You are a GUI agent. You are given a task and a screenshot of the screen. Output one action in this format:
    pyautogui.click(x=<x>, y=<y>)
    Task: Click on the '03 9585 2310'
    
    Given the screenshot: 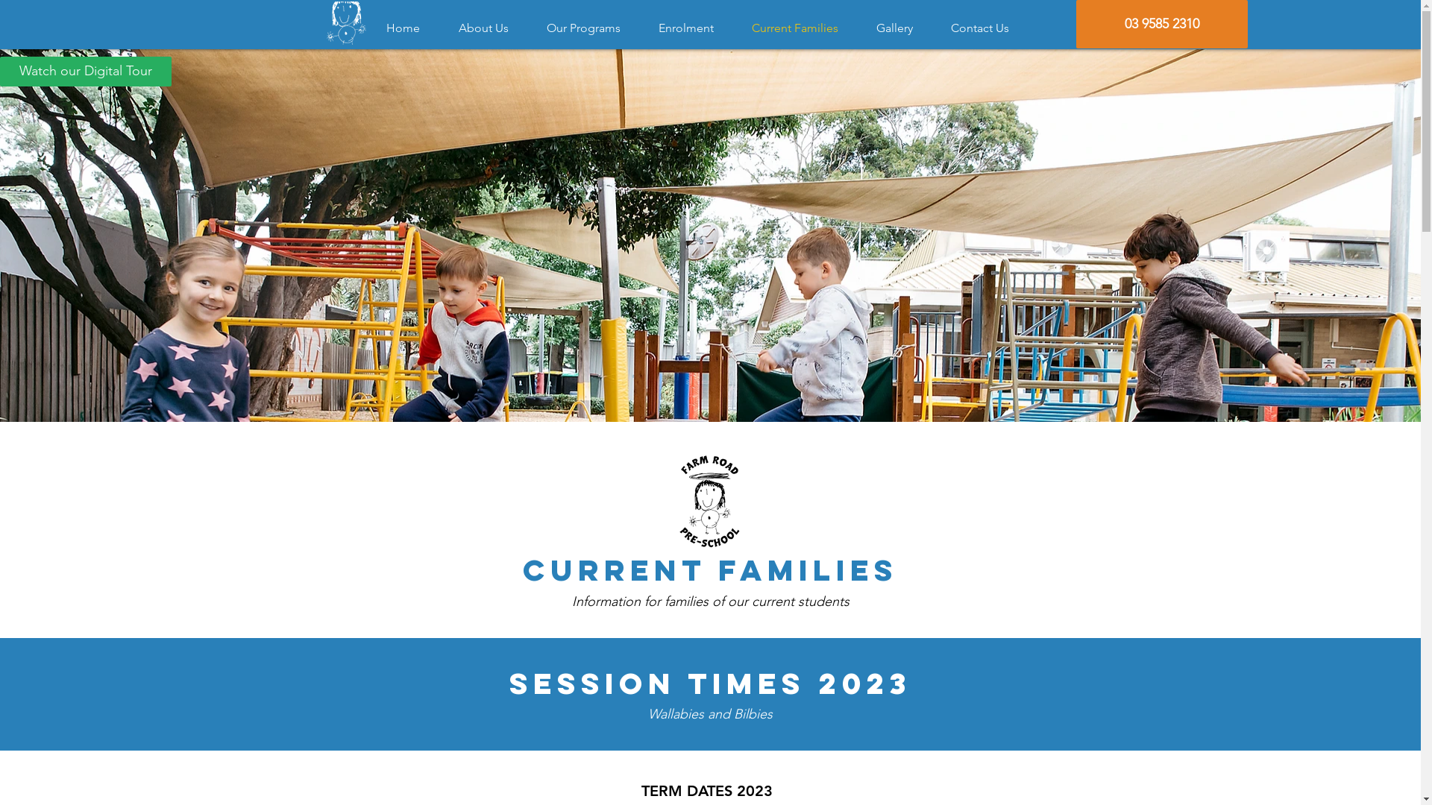 What is the action you would take?
    pyautogui.click(x=1160, y=24)
    